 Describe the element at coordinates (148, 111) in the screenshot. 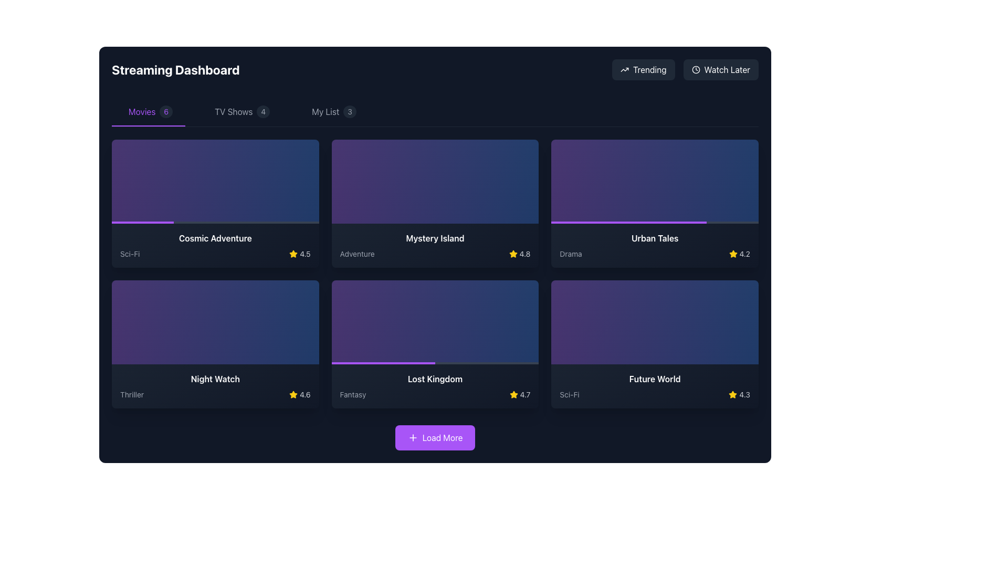

I see `the 'Movies' navigation link` at that location.